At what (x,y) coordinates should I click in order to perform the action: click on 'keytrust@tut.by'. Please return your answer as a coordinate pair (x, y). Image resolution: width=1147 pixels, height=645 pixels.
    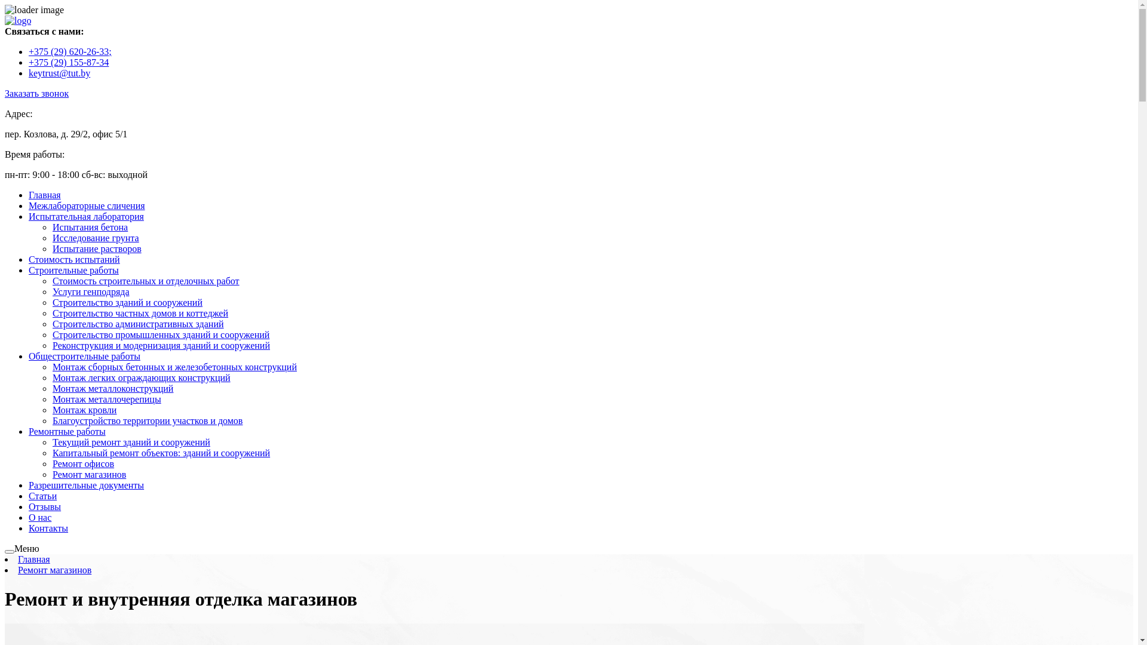
    Looking at the image, I should click on (59, 73).